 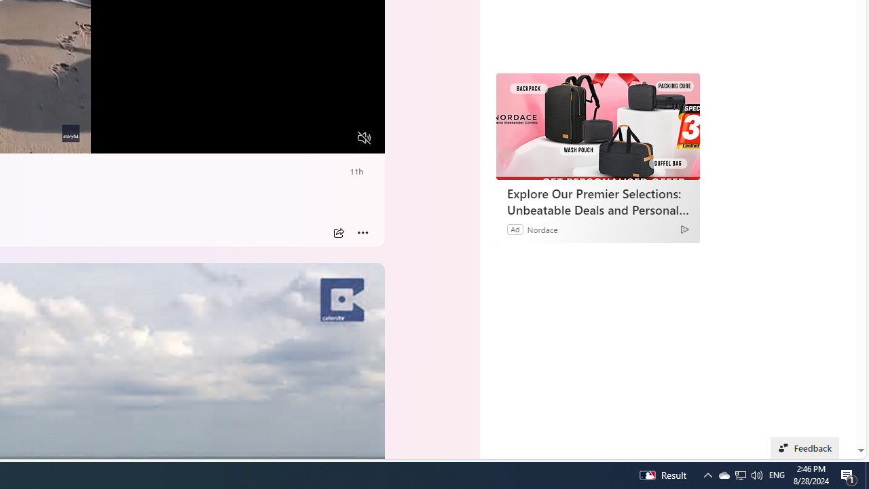 What do you see at coordinates (684, 228) in the screenshot?
I see `'Ad Choice'` at bounding box center [684, 228].